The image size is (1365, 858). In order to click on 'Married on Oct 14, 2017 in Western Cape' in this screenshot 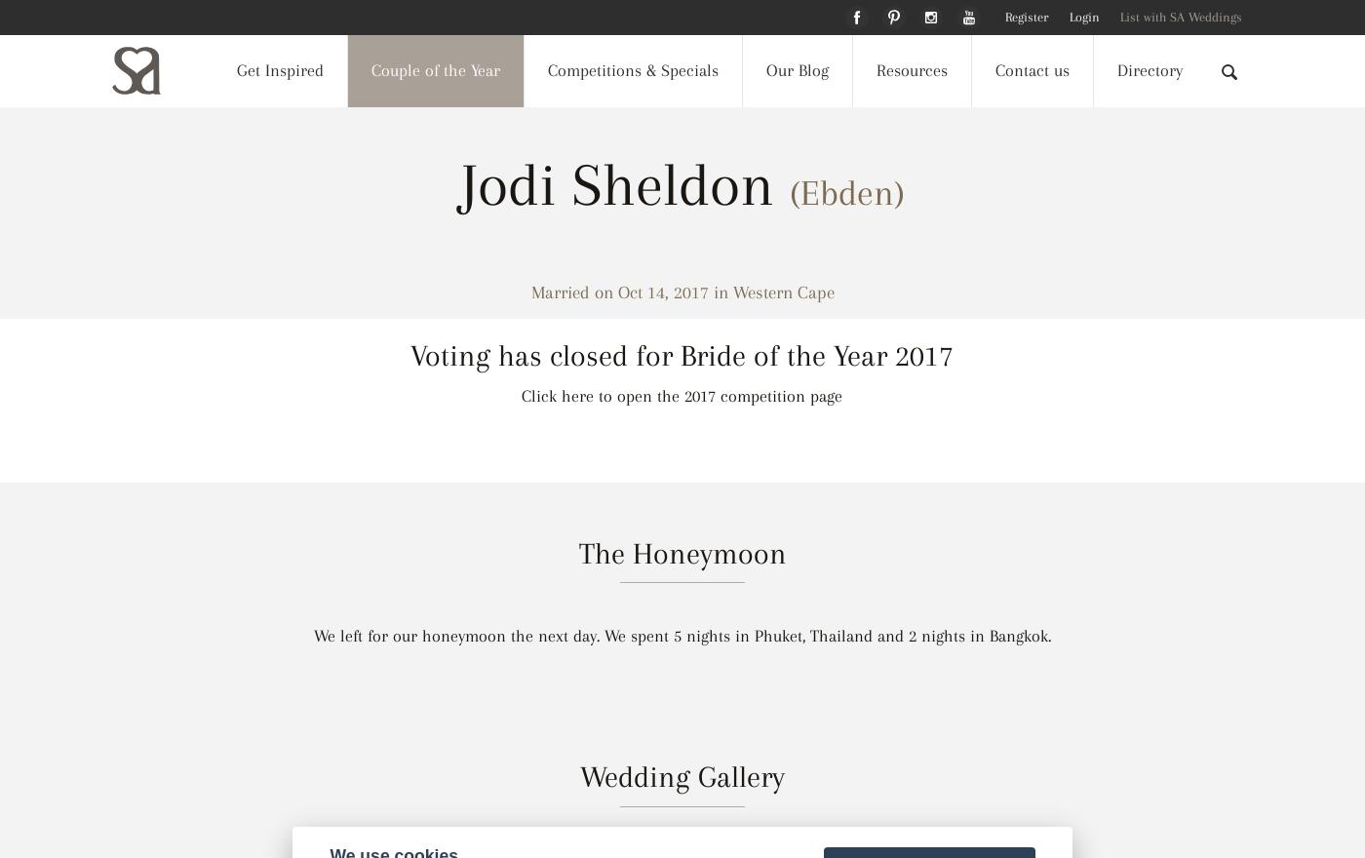, I will do `click(682, 291)`.